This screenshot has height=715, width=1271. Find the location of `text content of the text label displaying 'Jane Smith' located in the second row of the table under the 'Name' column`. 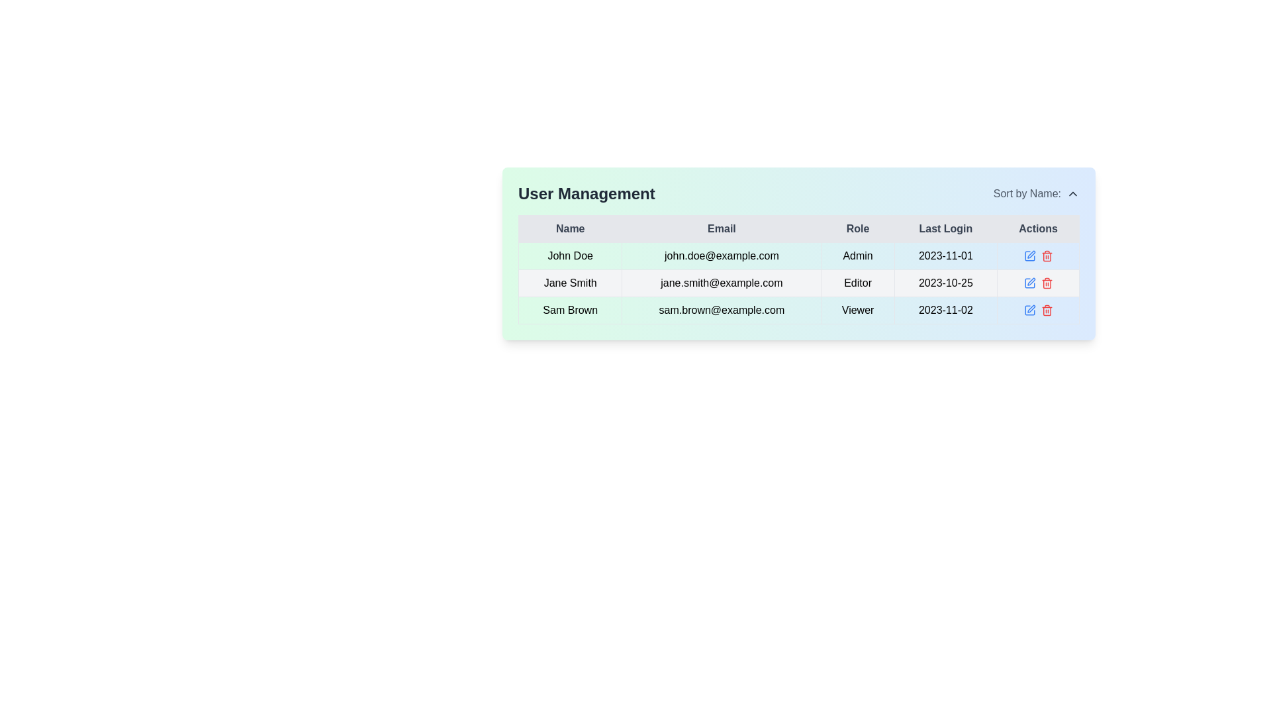

text content of the text label displaying 'Jane Smith' located in the second row of the table under the 'Name' column is located at coordinates (570, 283).